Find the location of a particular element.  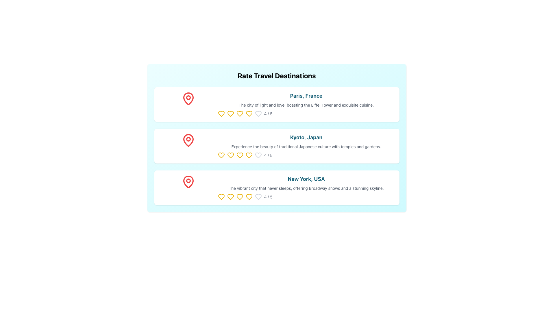

the geographical location icon representing 'New York, USA', which is positioned at the leftmost part of the third section in the list is located at coordinates (188, 188).